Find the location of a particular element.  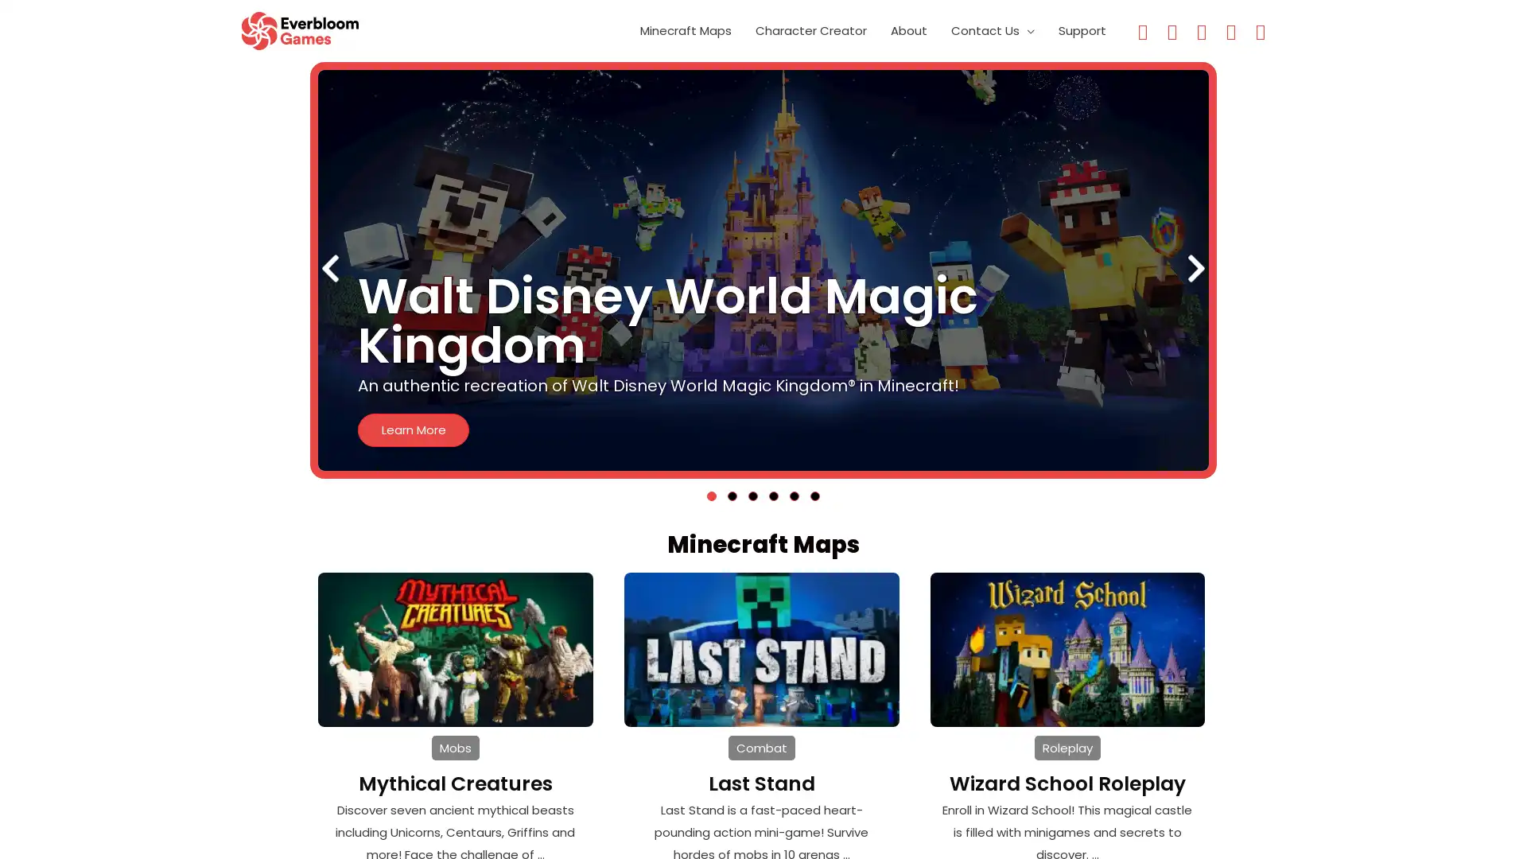

Page 6 is located at coordinates (815, 495).